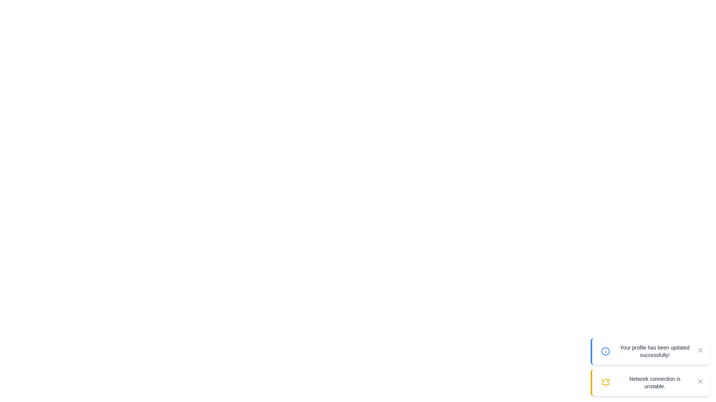 The height and width of the screenshot is (402, 716). I want to click on the snackbar with the message 'Network connection is unstable.', so click(650, 383).